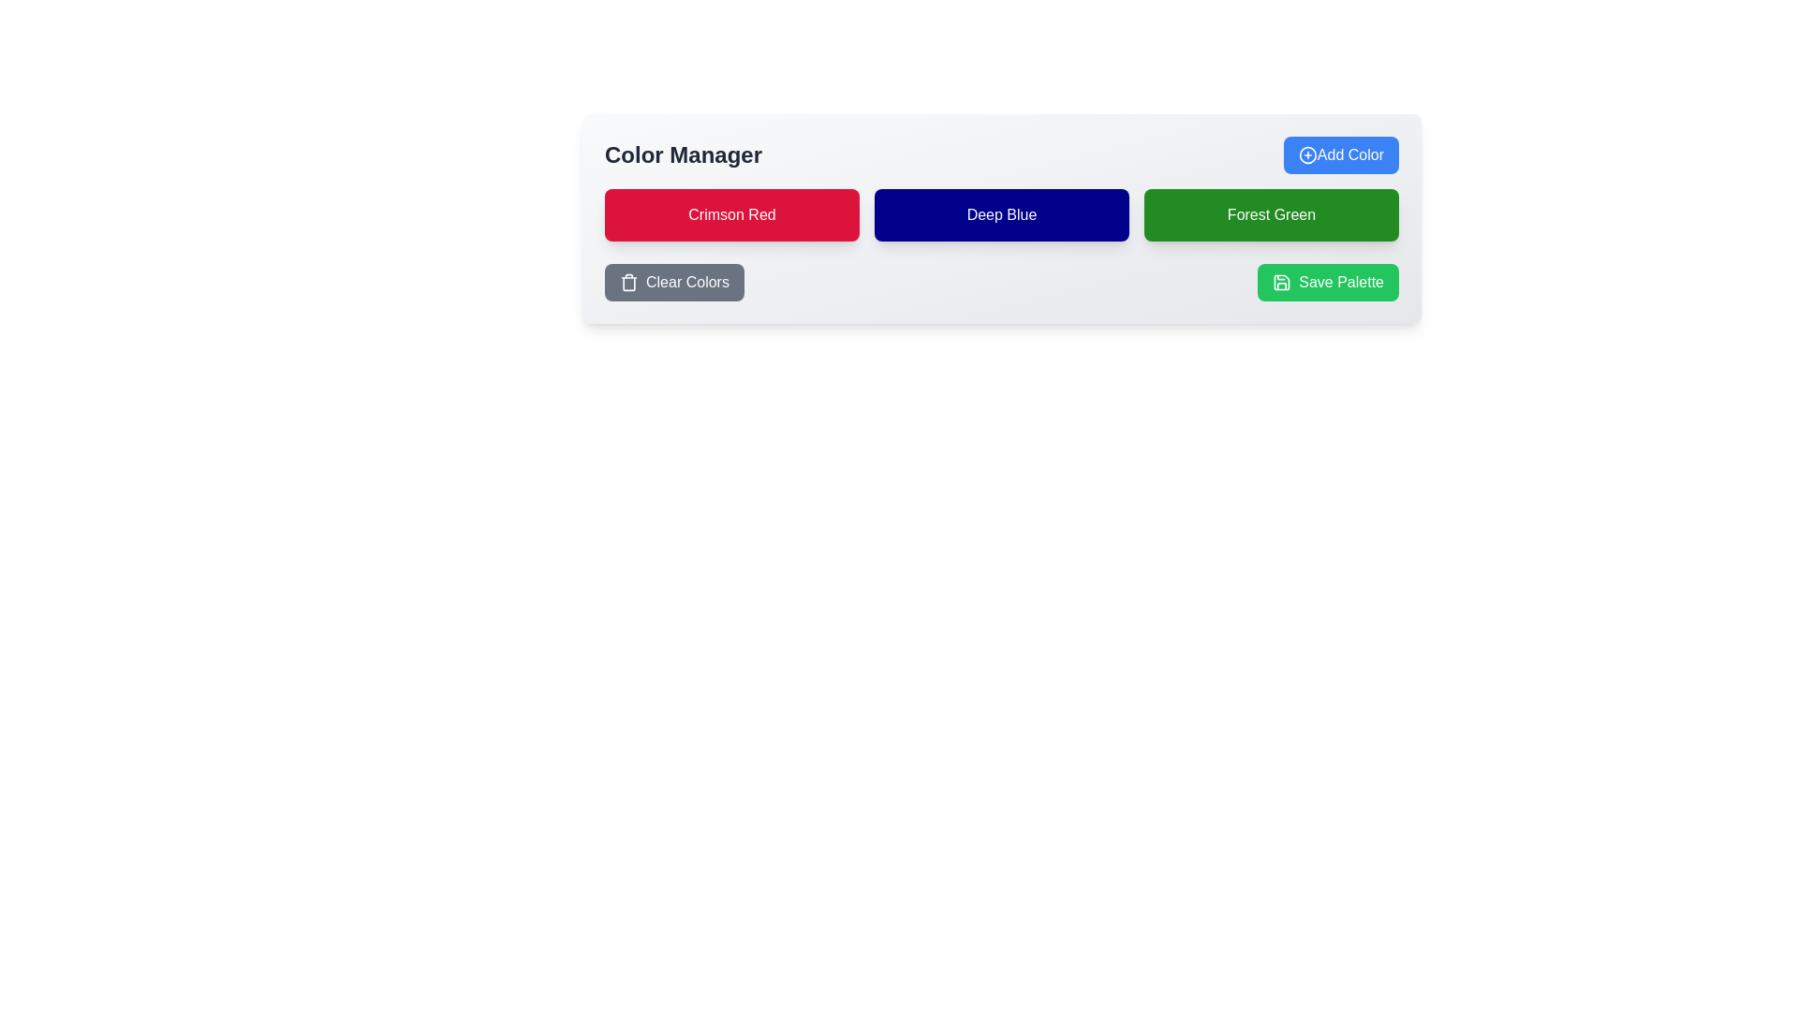 The image size is (1798, 1011). Describe the element at coordinates (1306, 154) in the screenshot. I see `the SVG graphic element that denotes the 'Add Color' function, which is located on the top-right side of the Color Manager interface` at that location.